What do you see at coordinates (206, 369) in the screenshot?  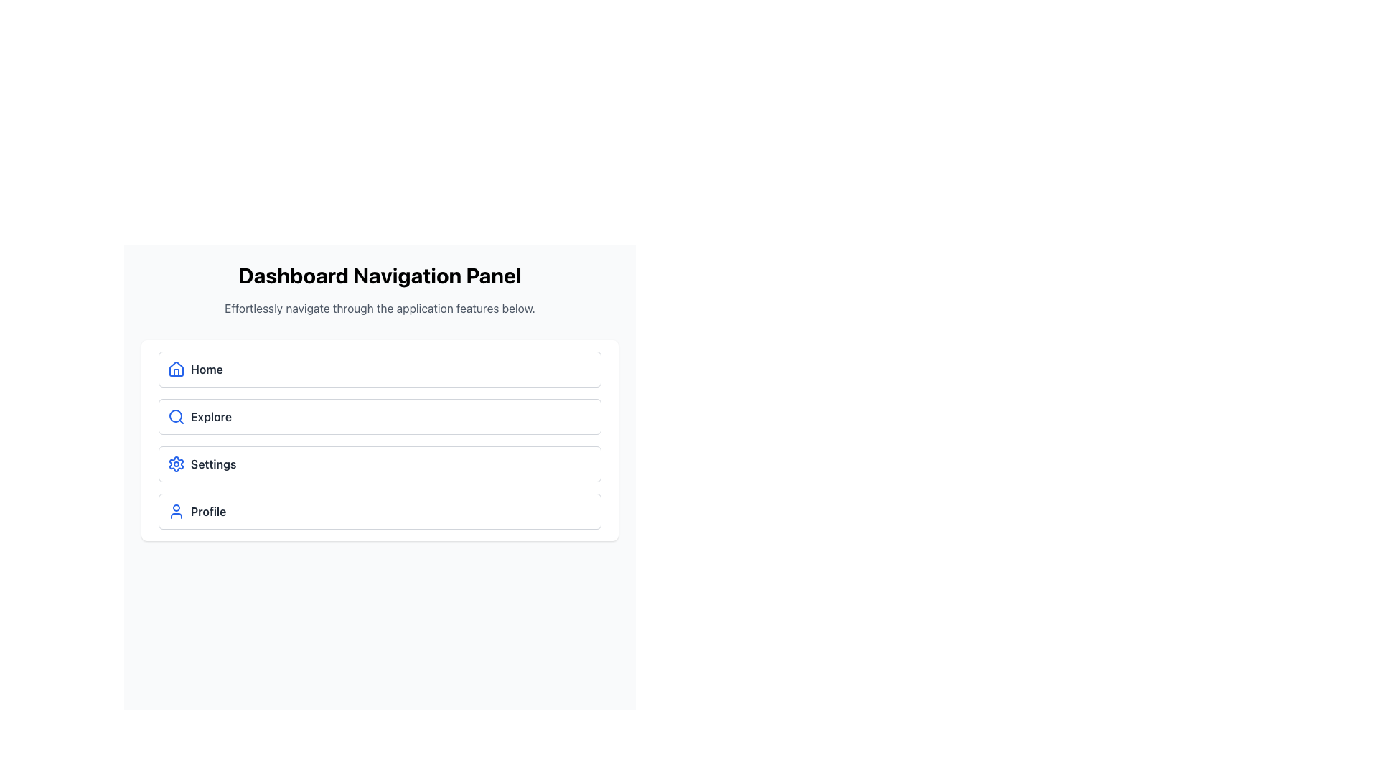 I see `'Home' navigation label, which is a text label indicating that selecting it will take users to the homepage of the application` at bounding box center [206, 369].